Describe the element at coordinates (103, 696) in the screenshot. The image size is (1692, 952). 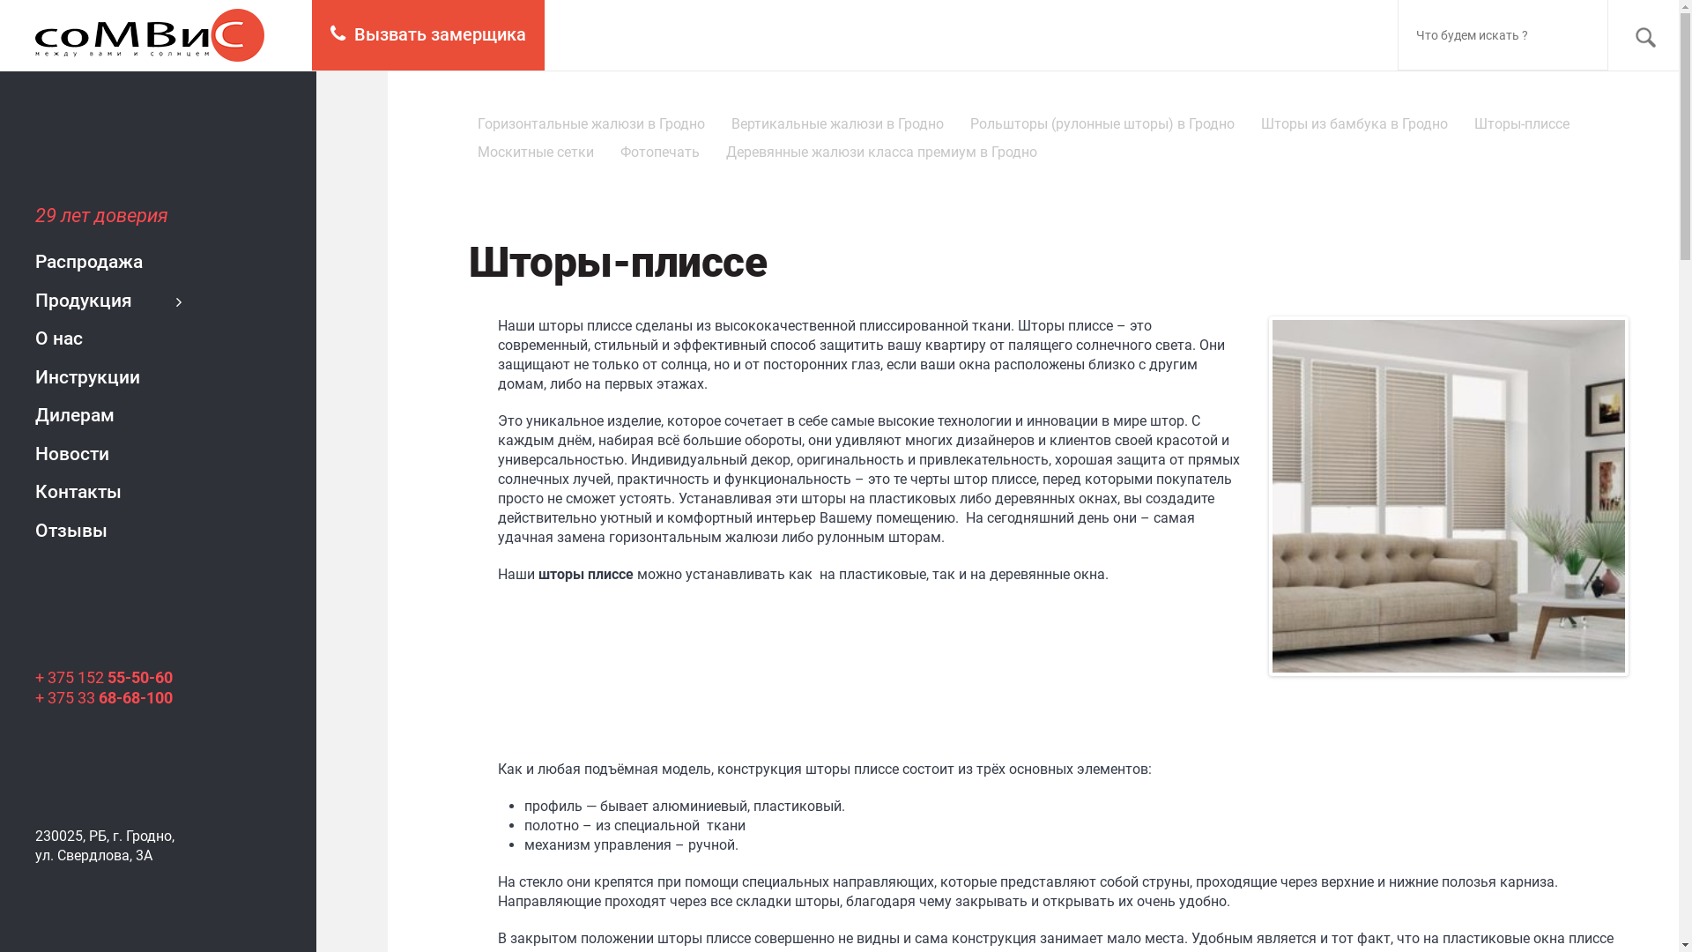
I see `'+ 375 33 68-68-100'` at that location.